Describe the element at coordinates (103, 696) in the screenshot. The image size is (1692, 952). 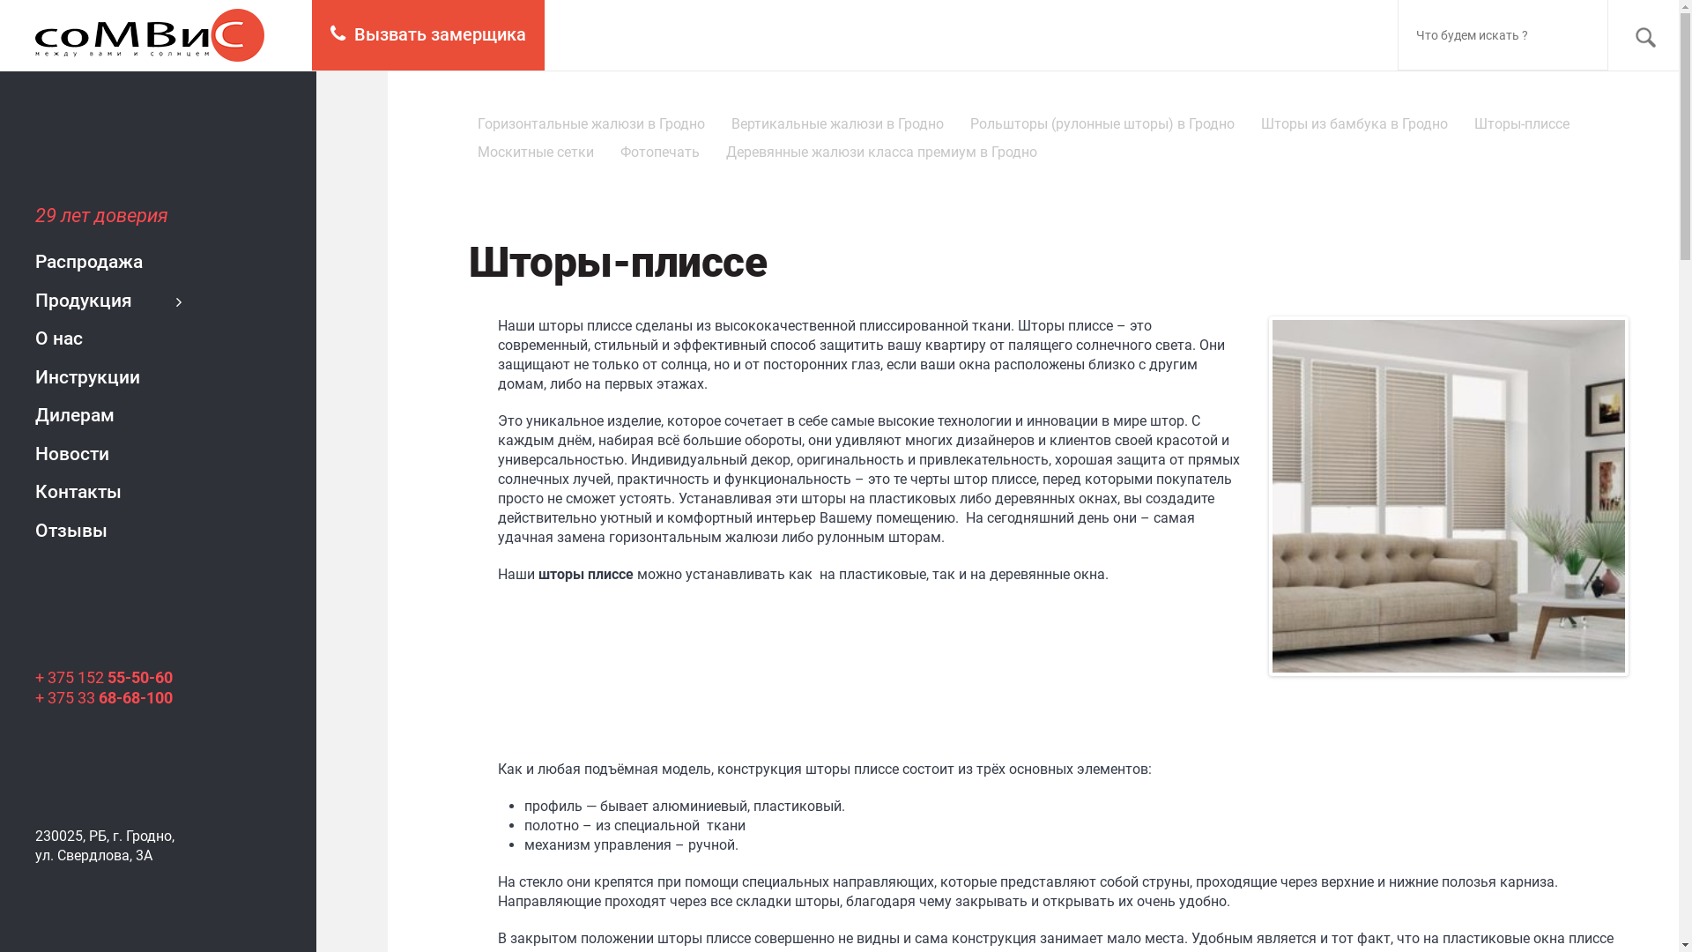
I see `'+ 375 33 68-68-100'` at that location.